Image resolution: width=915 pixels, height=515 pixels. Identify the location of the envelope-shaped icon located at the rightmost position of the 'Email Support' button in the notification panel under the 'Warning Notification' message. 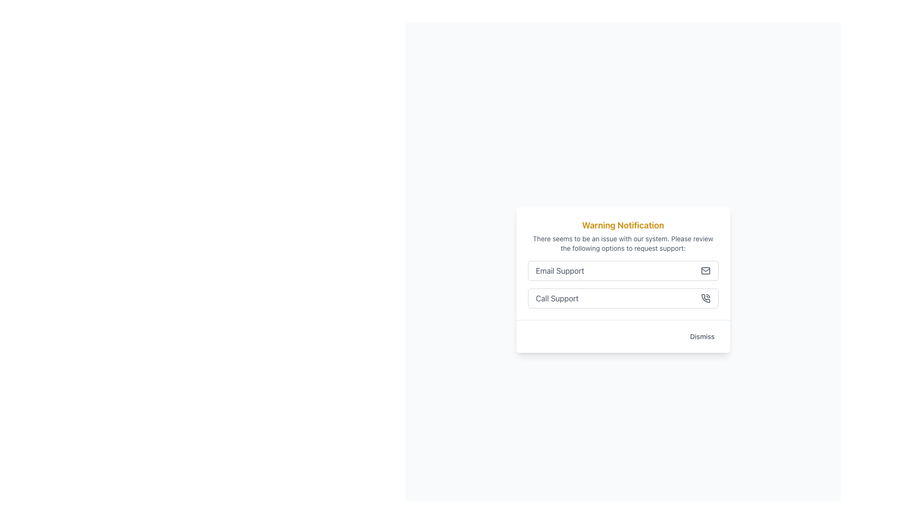
(705, 270).